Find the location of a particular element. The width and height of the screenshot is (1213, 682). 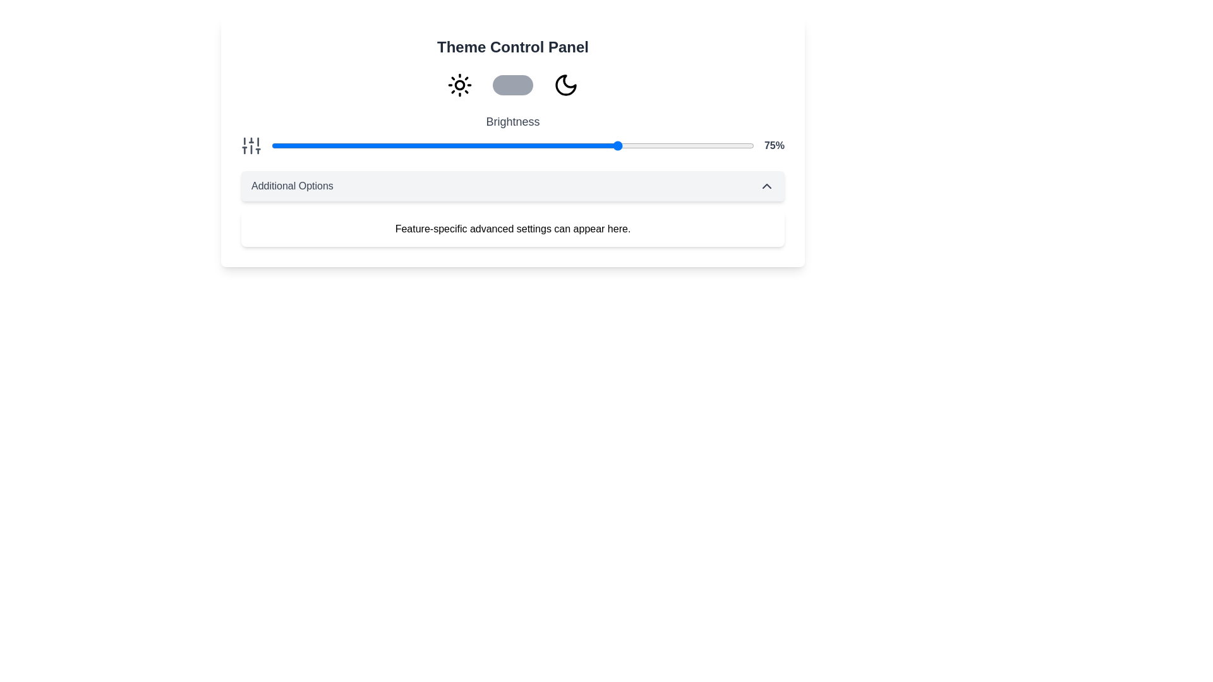

the brightness level is located at coordinates (271, 145).